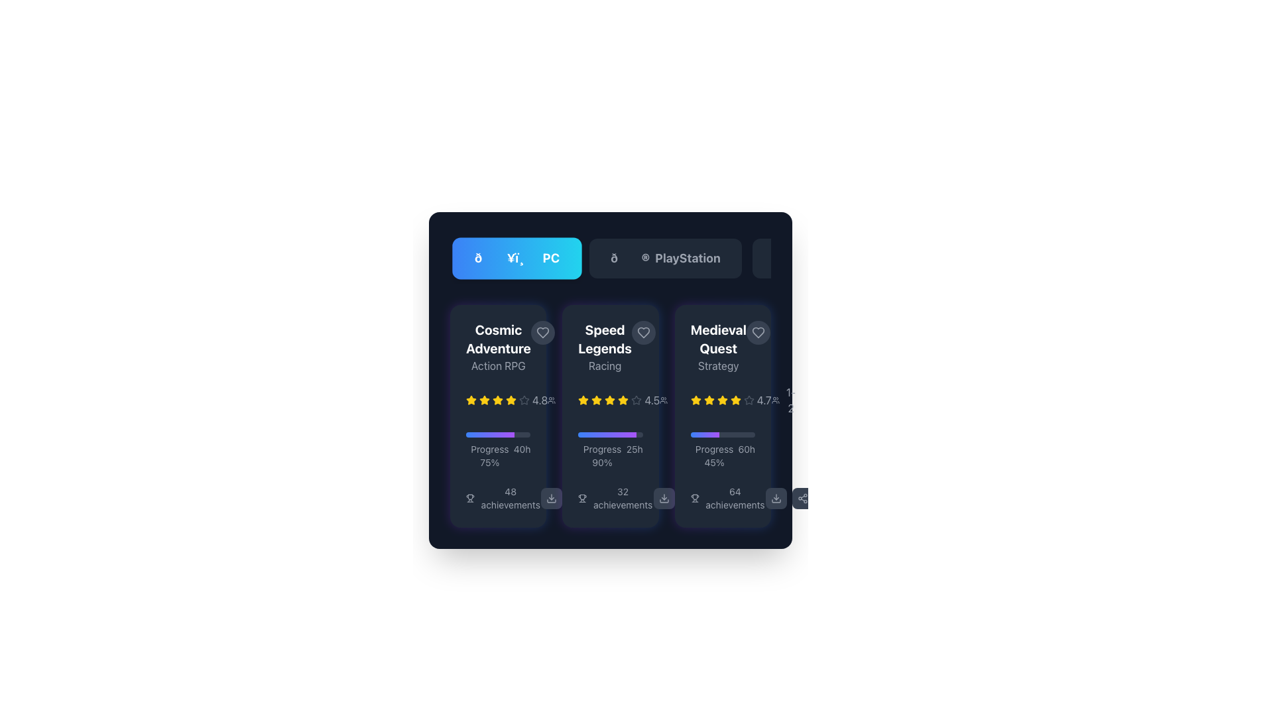 This screenshot has height=716, width=1273. I want to click on the text label displaying '48 achievements', which is styled in a modern sans-serif font and positioned below a trophy icon in the first card of a horizontally aligned set of three cards, so click(510, 499).